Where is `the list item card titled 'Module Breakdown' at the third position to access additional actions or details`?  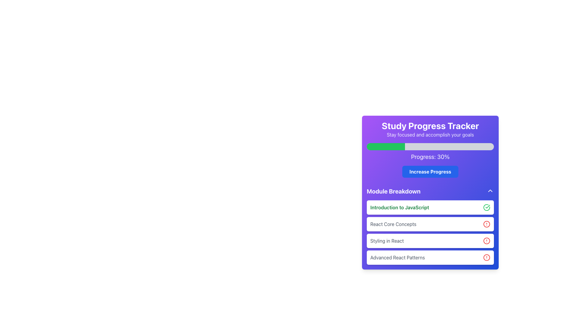 the list item card titled 'Module Breakdown' at the third position to access additional actions or details is located at coordinates (430, 240).